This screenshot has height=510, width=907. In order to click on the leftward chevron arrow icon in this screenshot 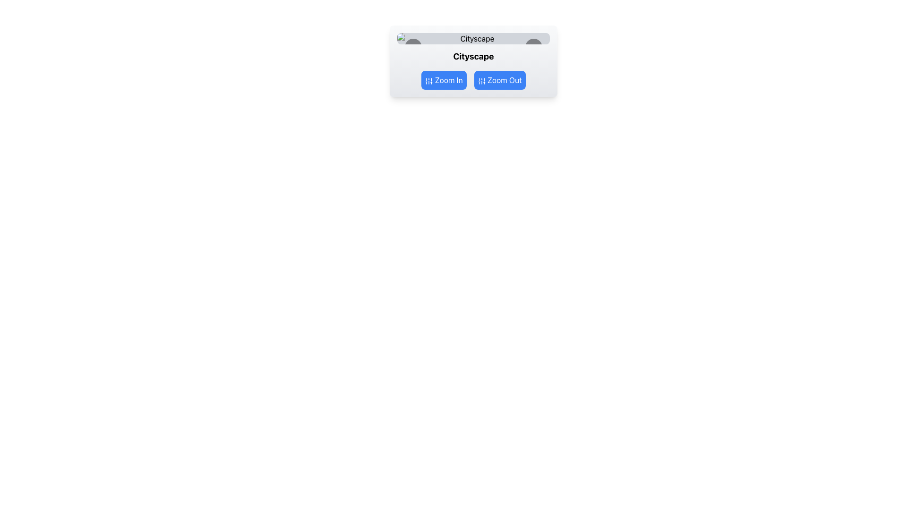, I will do `click(413, 47)`.